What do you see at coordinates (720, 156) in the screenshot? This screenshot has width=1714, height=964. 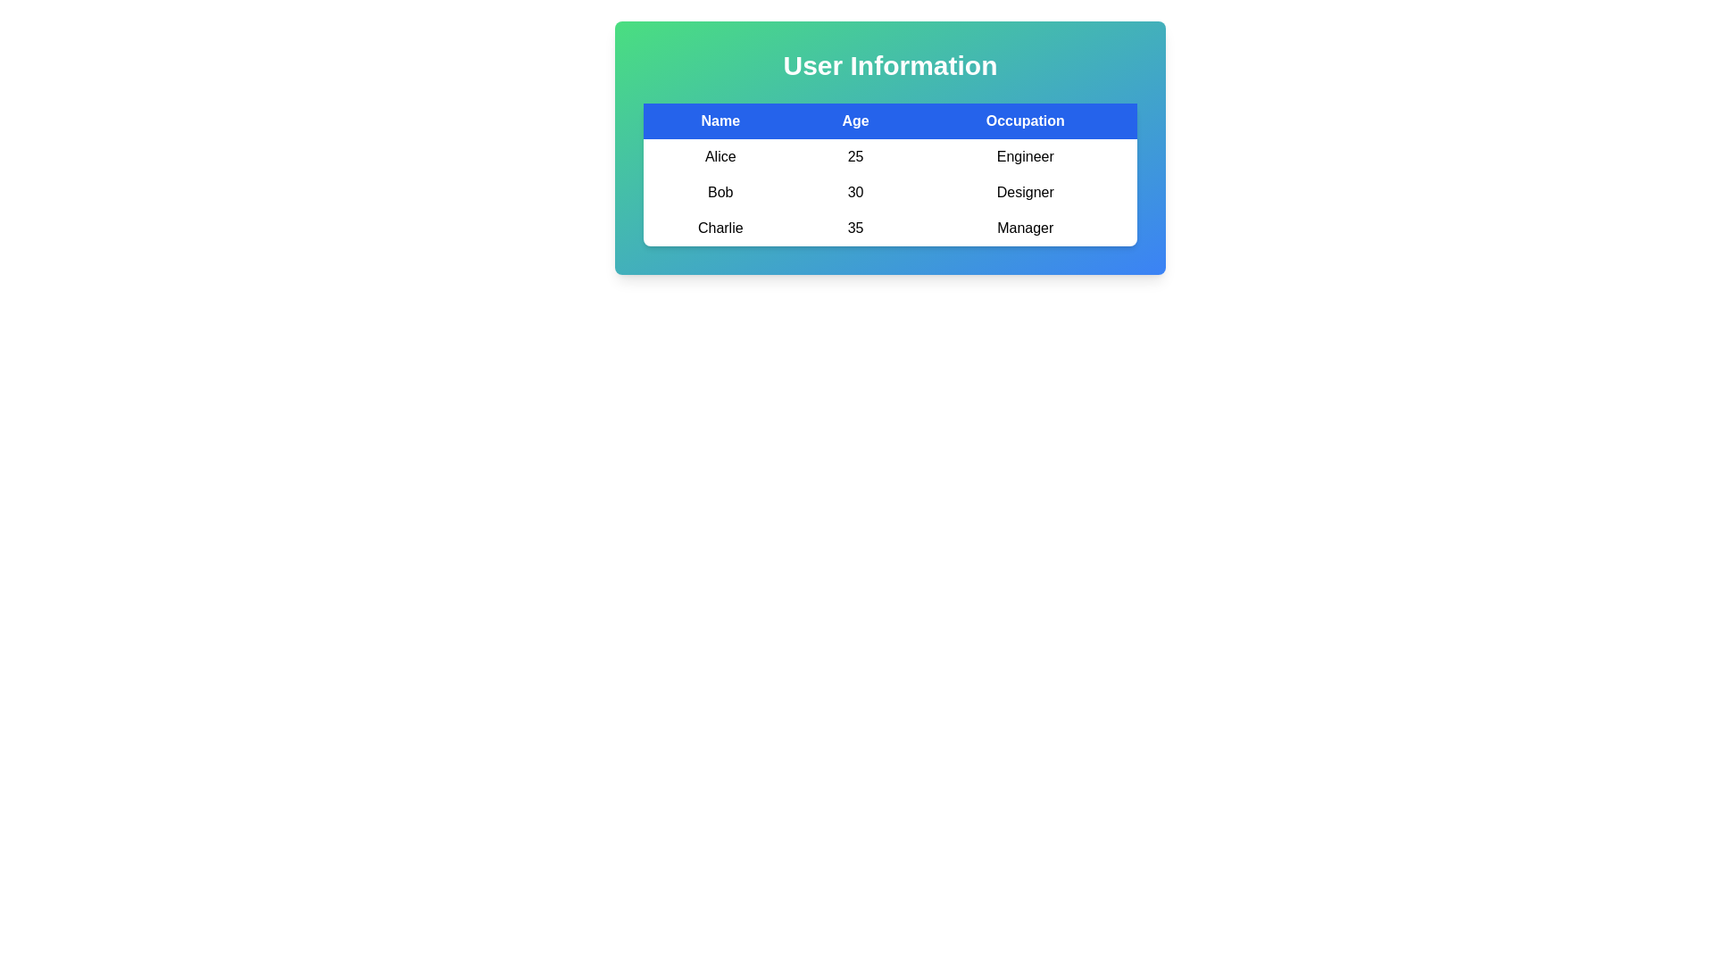 I see `the table cell displaying the text 'Alice' in a bold font, located in the first row of the 'Name' column` at bounding box center [720, 156].